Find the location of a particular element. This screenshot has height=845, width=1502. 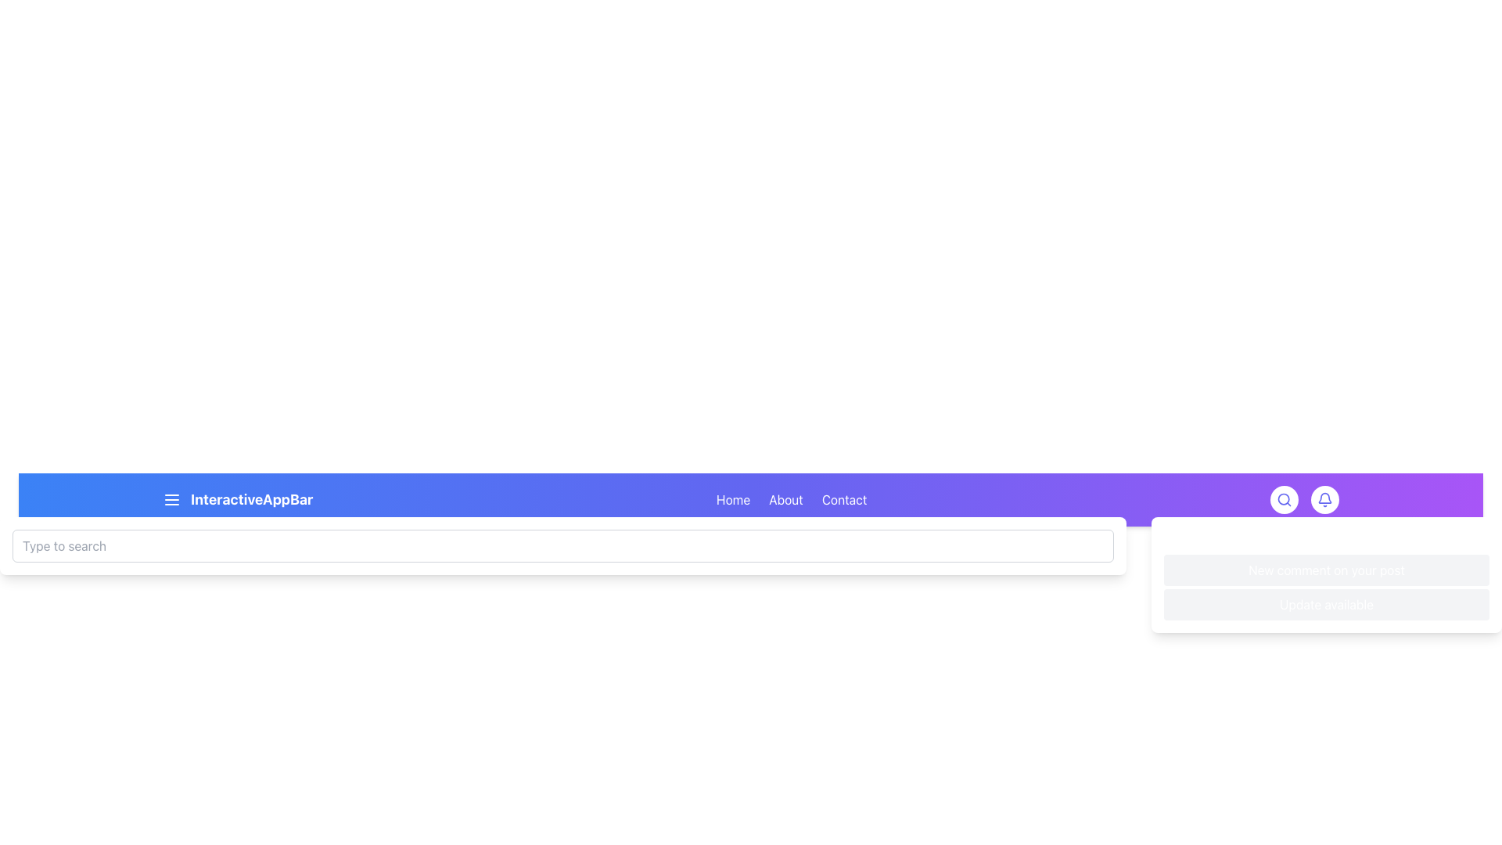

the notification bell icon, which is a stylized bell shape within a circular white background with indigo borders, located in the top-right corner of the interface is located at coordinates (1324, 500).